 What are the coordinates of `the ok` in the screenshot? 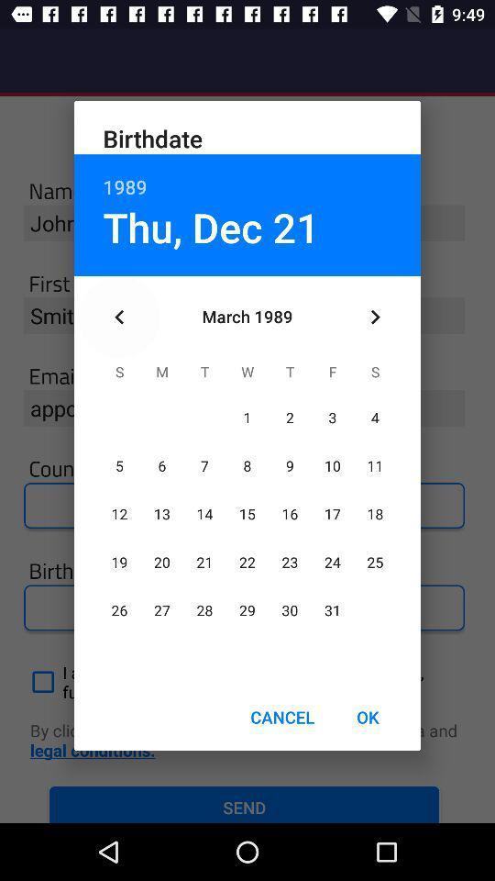 It's located at (368, 717).